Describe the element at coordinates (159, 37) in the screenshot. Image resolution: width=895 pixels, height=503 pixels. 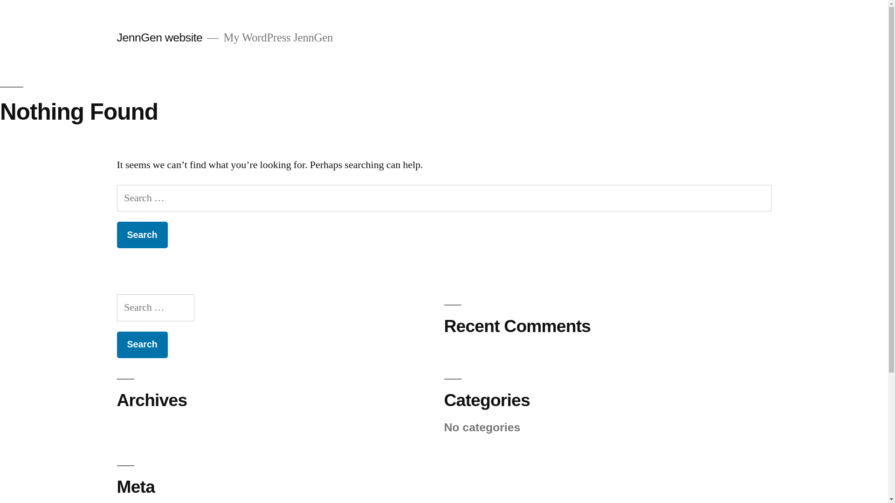
I see `'JennGen website'` at that location.